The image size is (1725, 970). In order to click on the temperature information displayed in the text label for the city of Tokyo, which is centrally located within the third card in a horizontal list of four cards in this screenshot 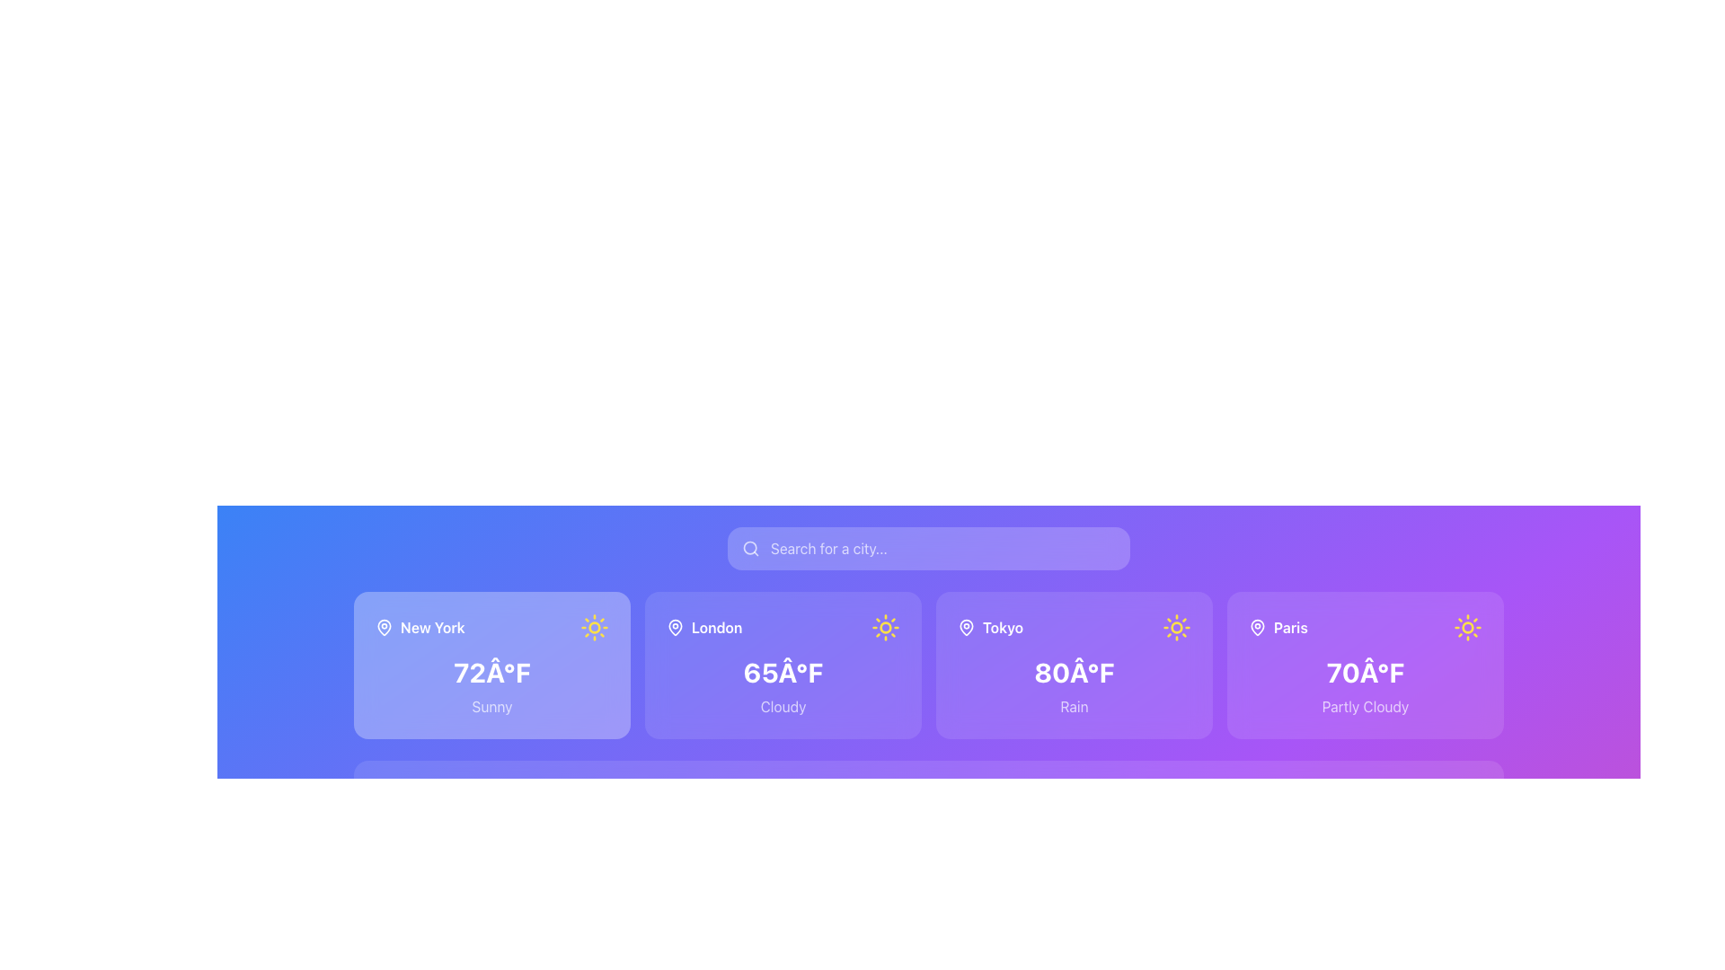, I will do `click(1074, 672)`.